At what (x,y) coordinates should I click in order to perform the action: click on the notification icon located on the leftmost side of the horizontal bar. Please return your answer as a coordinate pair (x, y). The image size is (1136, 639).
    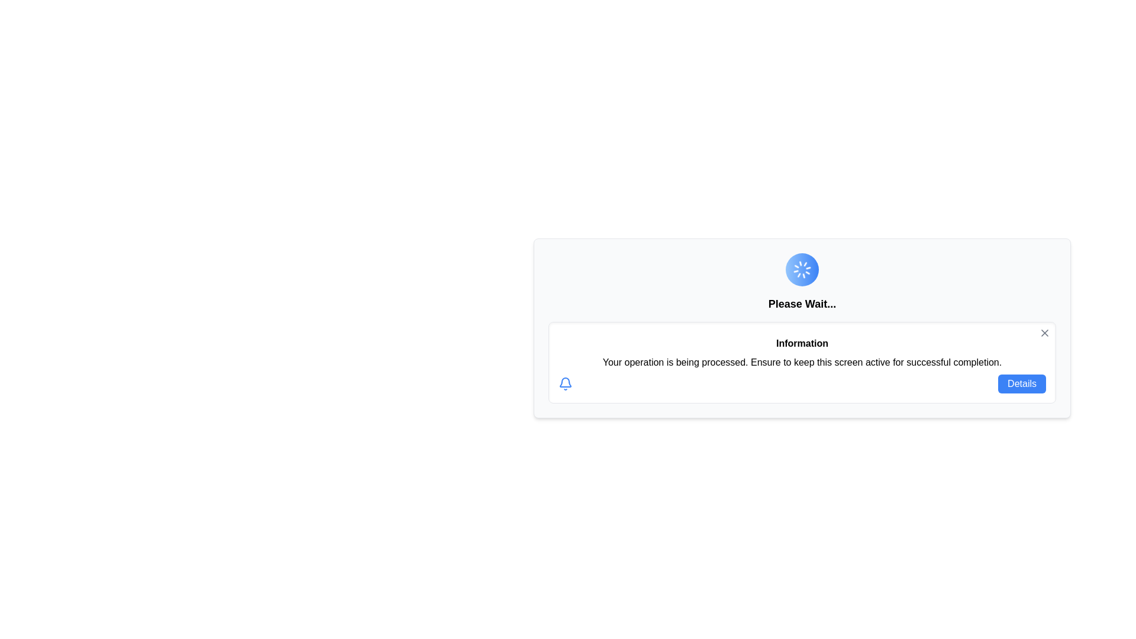
    Looking at the image, I should click on (564, 383).